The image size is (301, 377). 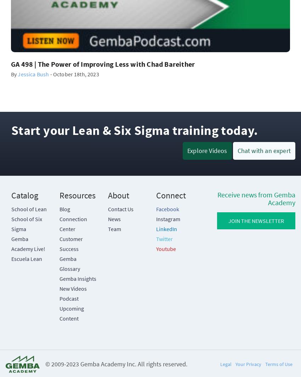 I want to click on 'Customer Success', so click(x=71, y=244).